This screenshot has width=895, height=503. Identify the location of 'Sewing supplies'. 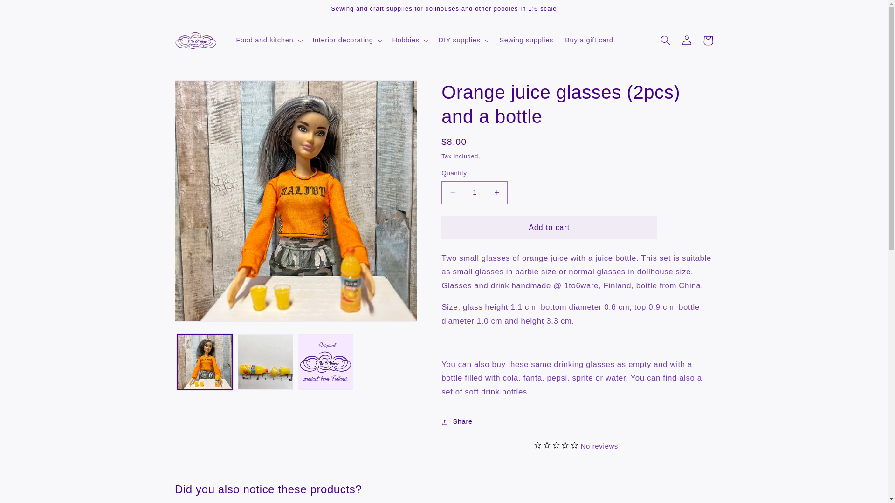
(493, 40).